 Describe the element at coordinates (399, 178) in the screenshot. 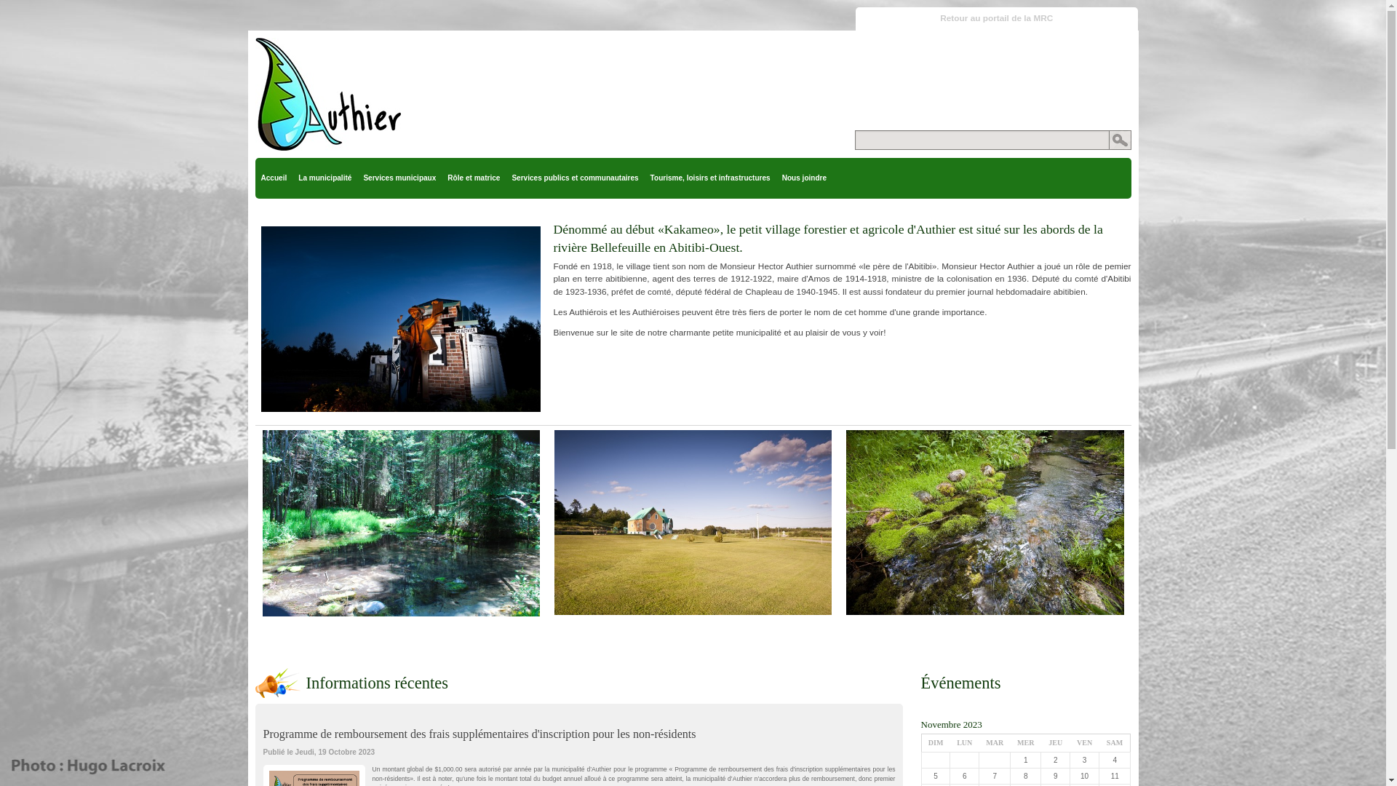

I see `'Services municipaux'` at that location.